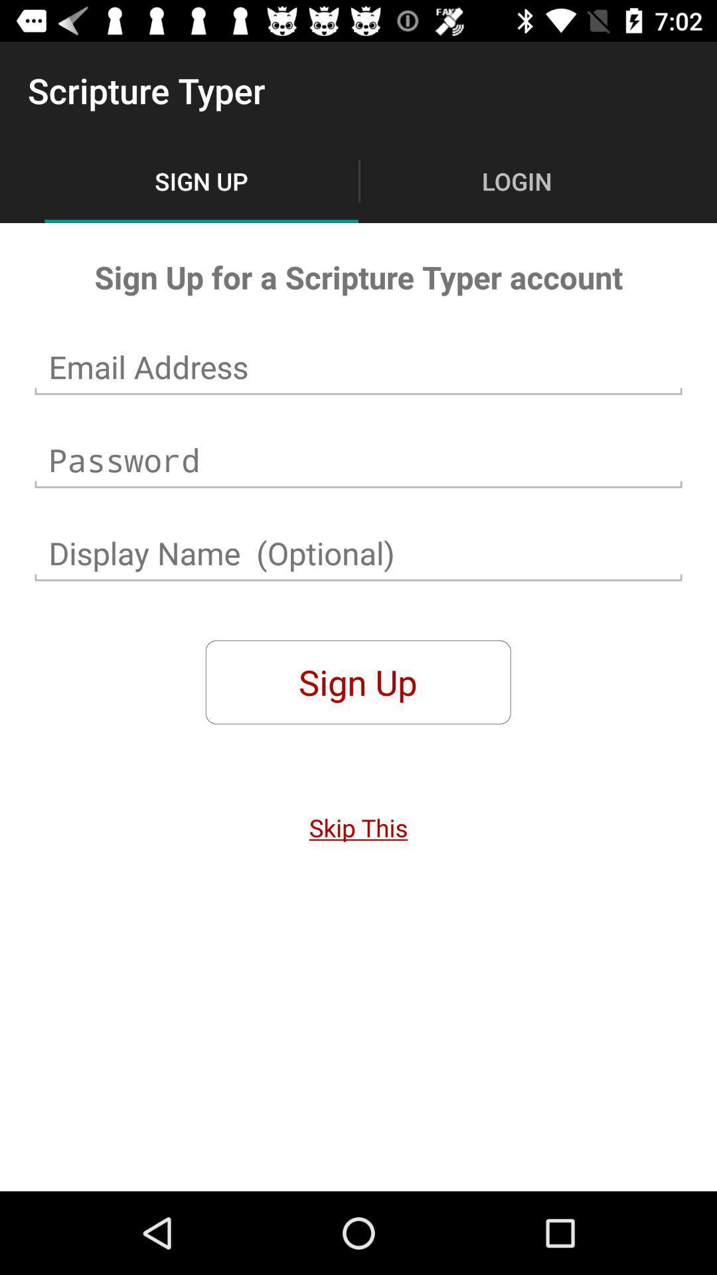 Image resolution: width=717 pixels, height=1275 pixels. Describe the element at coordinates (358, 460) in the screenshot. I see `customize password` at that location.